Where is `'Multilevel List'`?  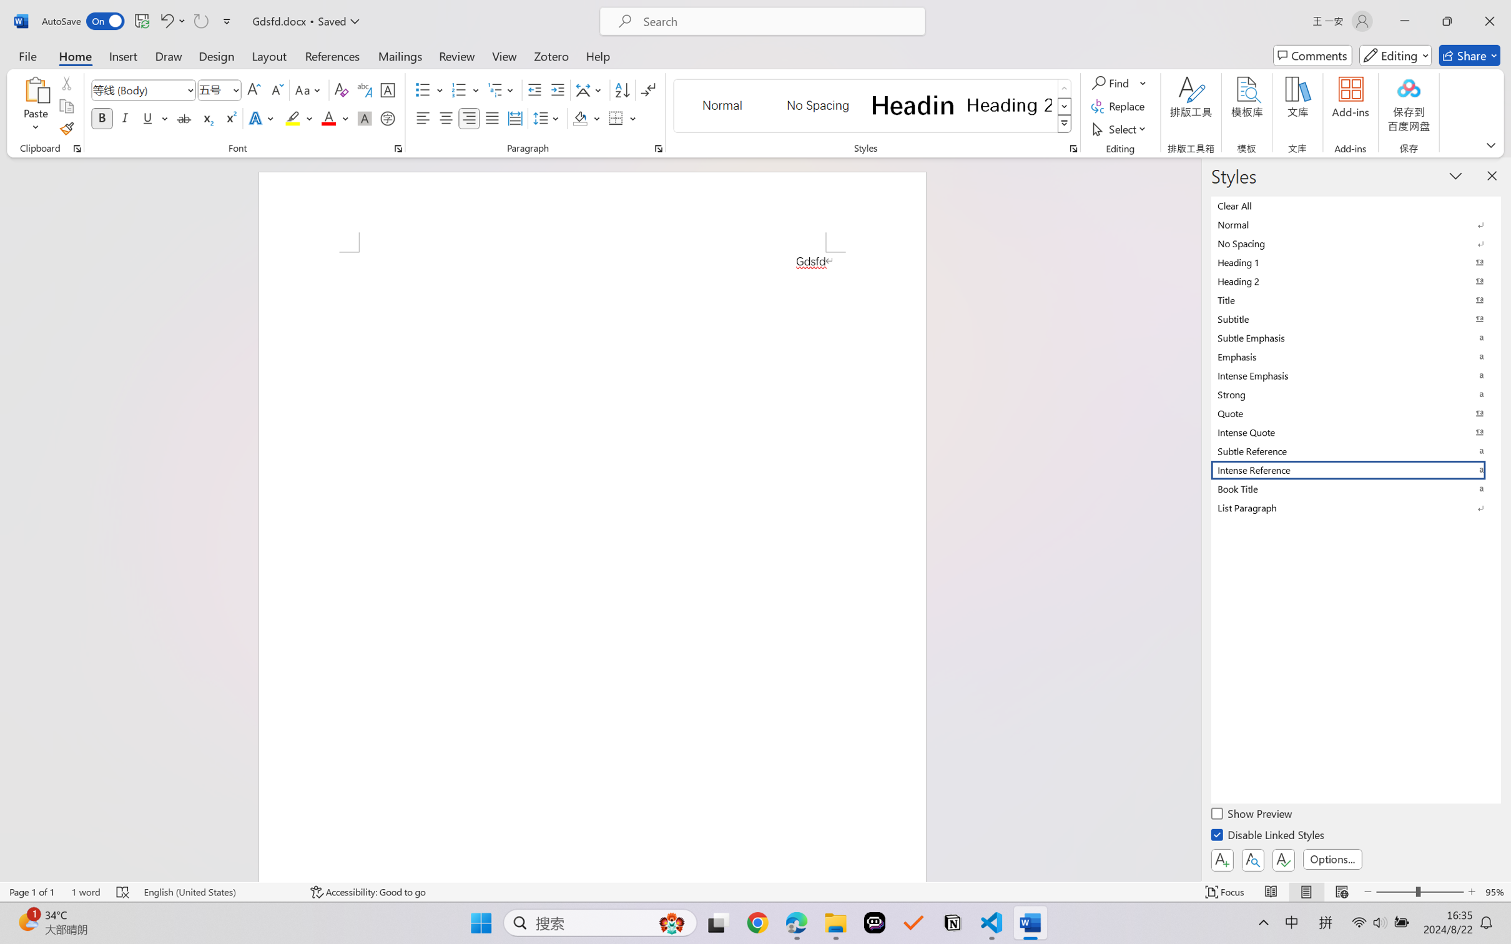
'Multilevel List' is located at coordinates (502, 90).